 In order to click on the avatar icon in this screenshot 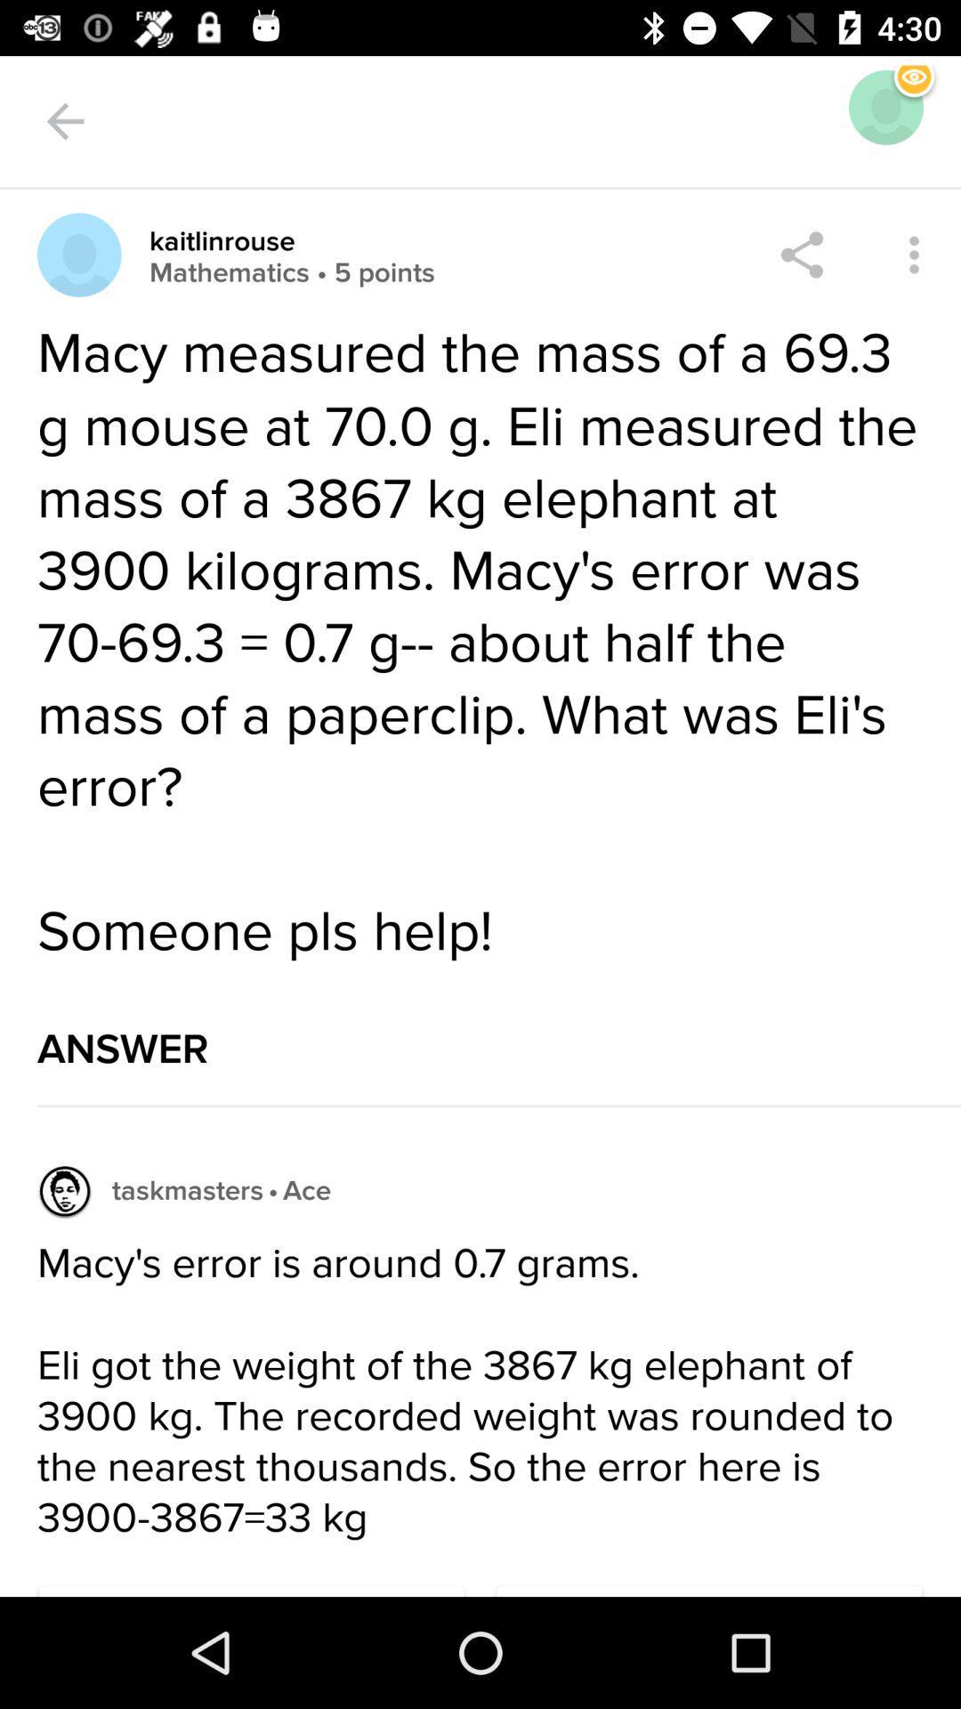, I will do `click(78, 254)`.